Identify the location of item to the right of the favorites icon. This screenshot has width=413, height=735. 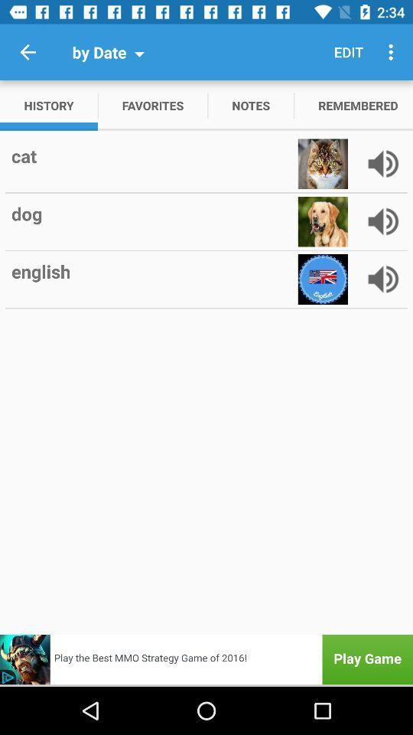
(251, 104).